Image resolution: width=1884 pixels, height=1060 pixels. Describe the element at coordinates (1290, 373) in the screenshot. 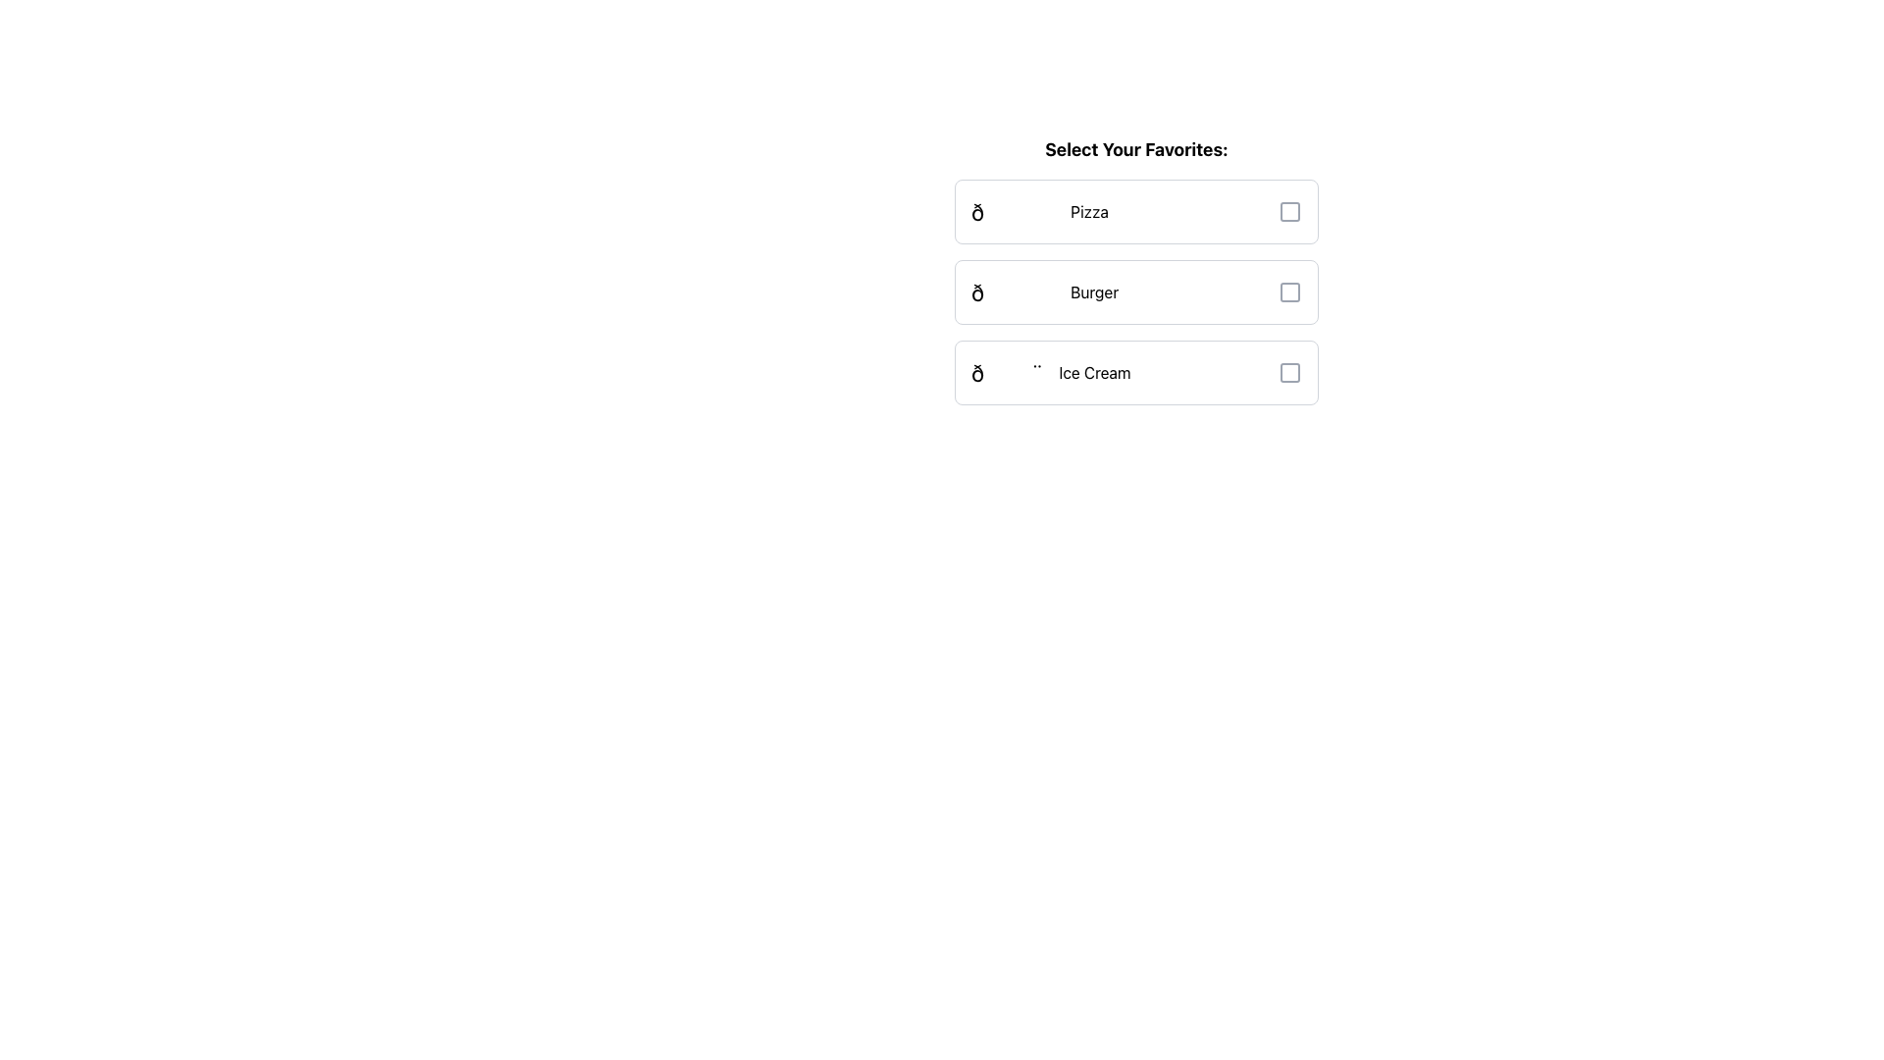

I see `the interactive checkbox for 'Ice Cream' located in the third row of the 'Select Your Favorites' section` at that location.